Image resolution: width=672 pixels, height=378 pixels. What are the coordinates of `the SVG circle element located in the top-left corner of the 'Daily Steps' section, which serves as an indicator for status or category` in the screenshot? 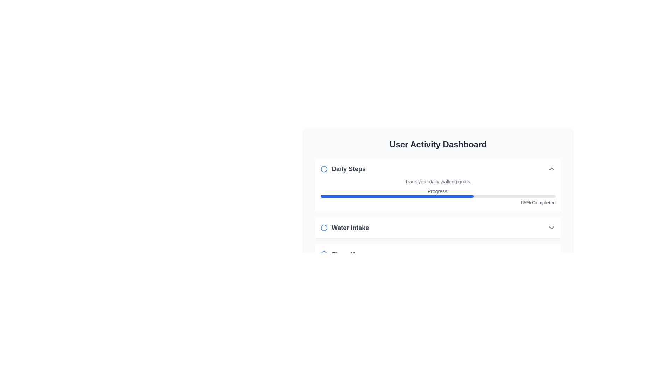 It's located at (324, 169).